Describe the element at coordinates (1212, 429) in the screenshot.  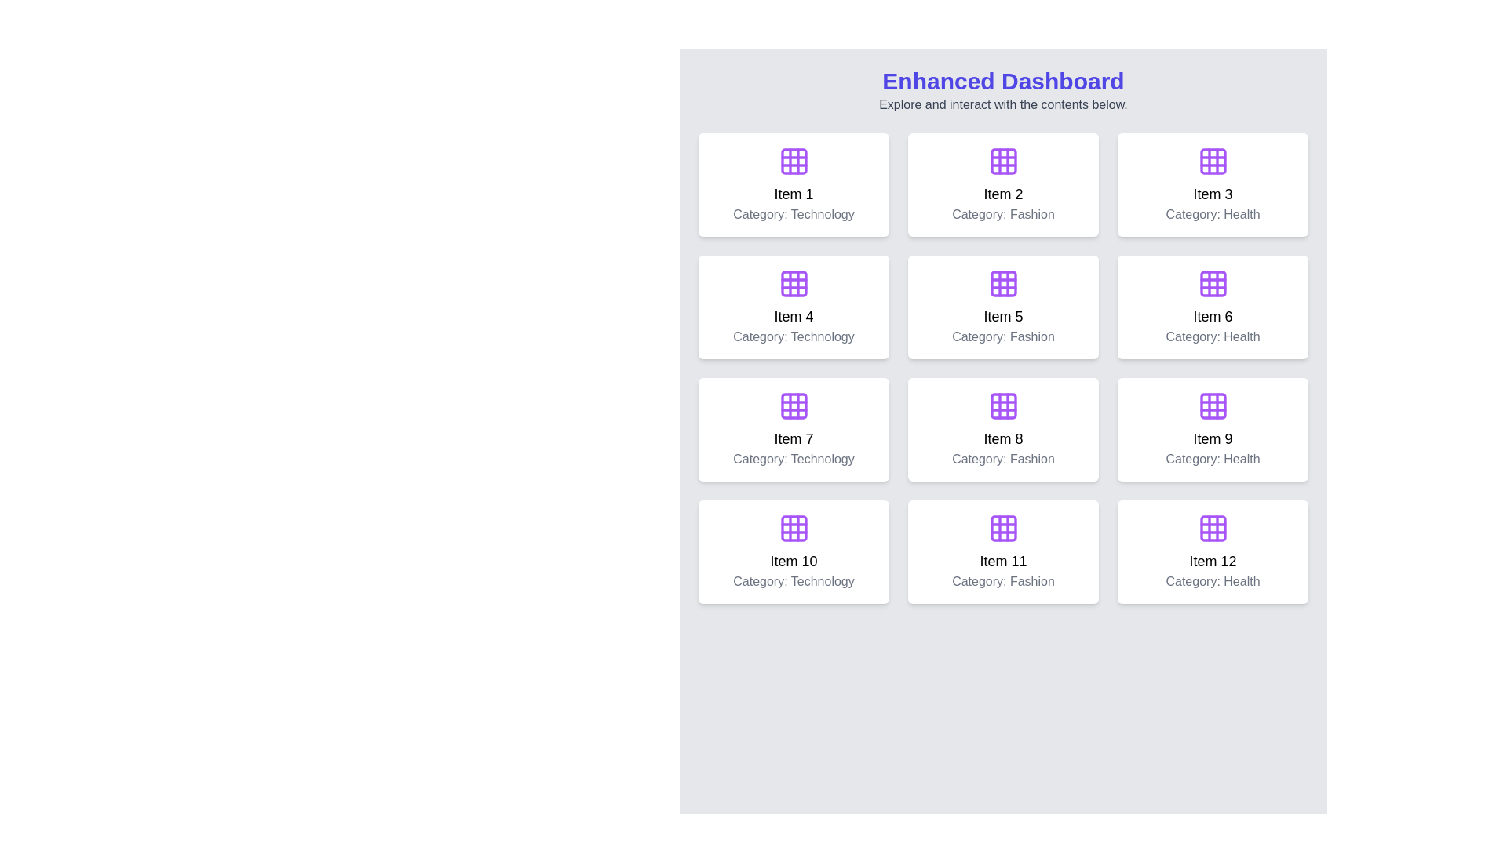
I see `the card with a white background, rounded corners, and a purple grid icon at the top center, which contains the text 'Item 9' and 'Category: Health'` at that location.